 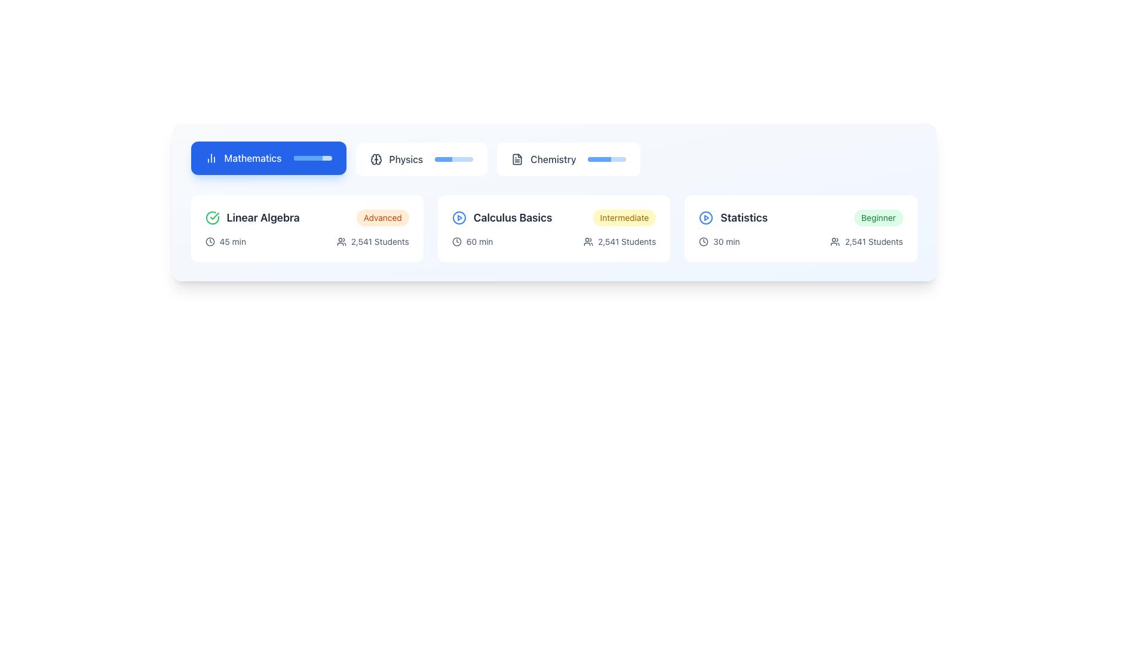 What do you see at coordinates (835, 242) in the screenshot?
I see `the small user icon, which is styled as two overlapping outlines of heads and shoulders, located to the left of the text '2,541 Students'` at bounding box center [835, 242].